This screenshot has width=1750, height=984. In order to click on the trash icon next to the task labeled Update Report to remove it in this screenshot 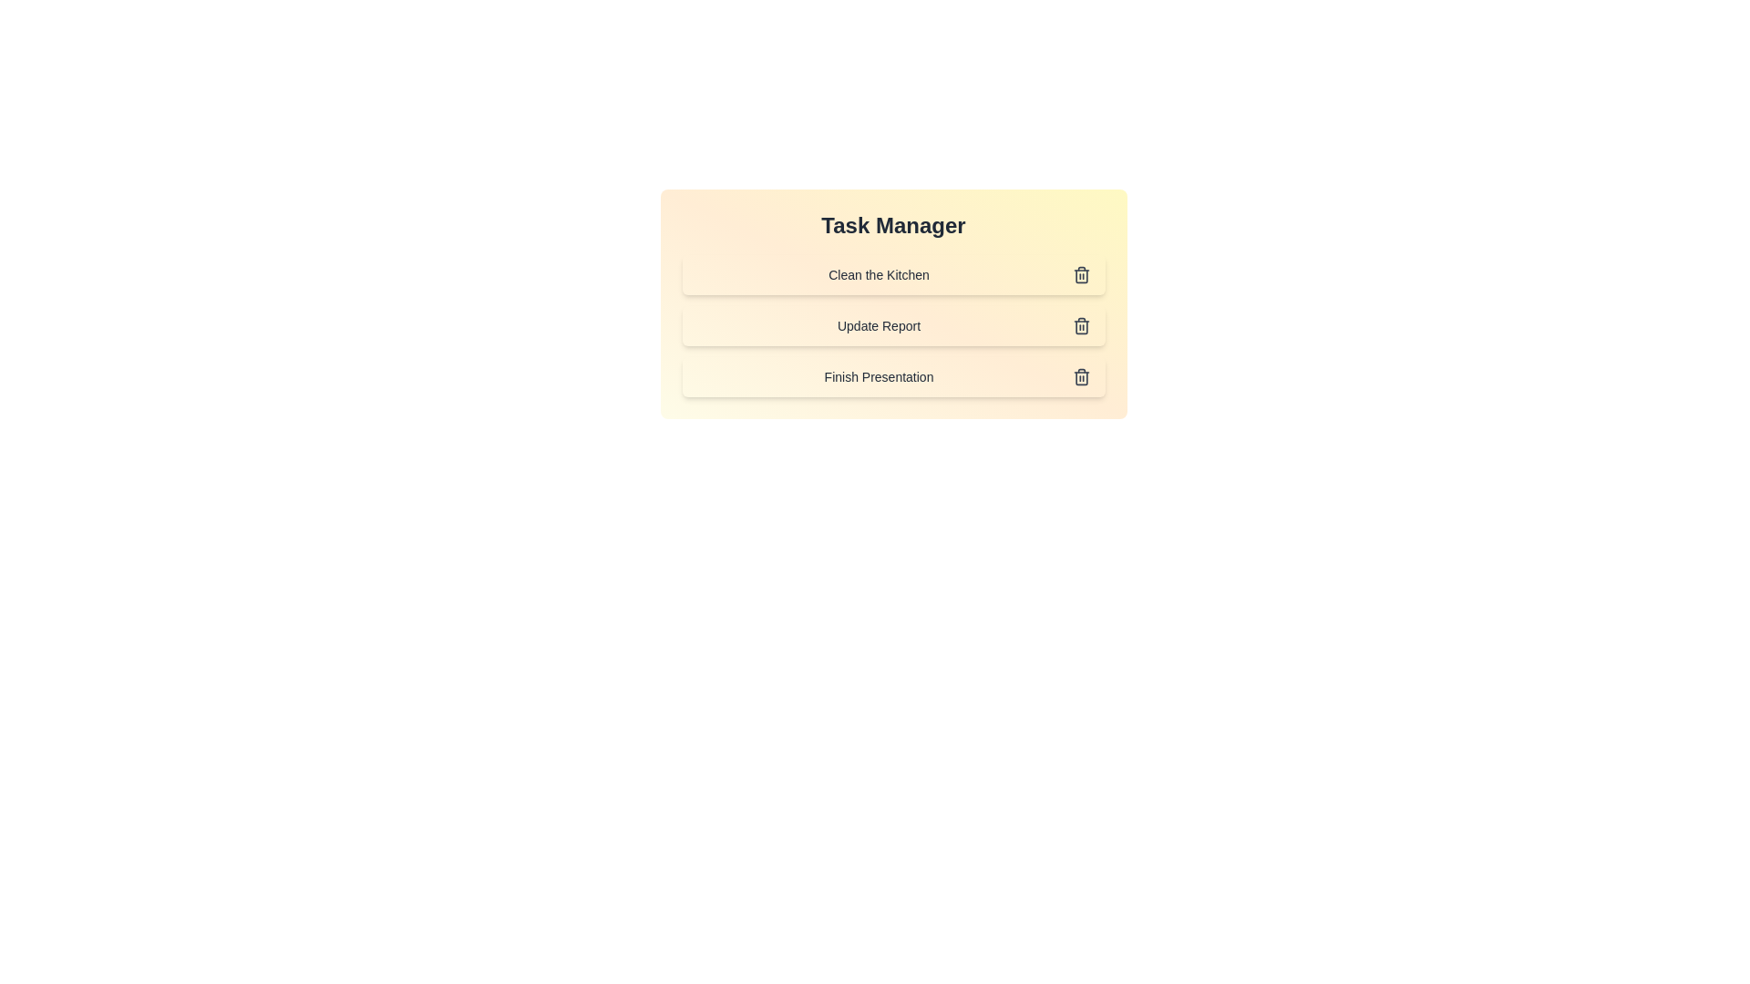, I will do `click(1081, 325)`.